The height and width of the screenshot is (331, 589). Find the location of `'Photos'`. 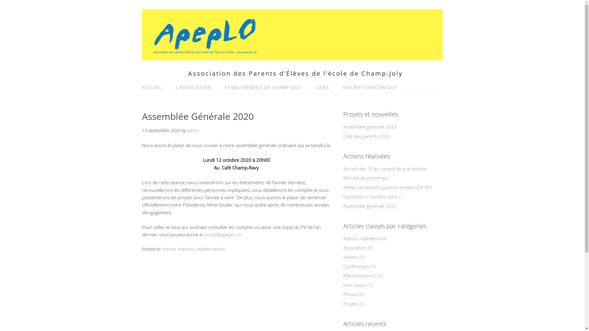

'Photos' is located at coordinates (350, 294).